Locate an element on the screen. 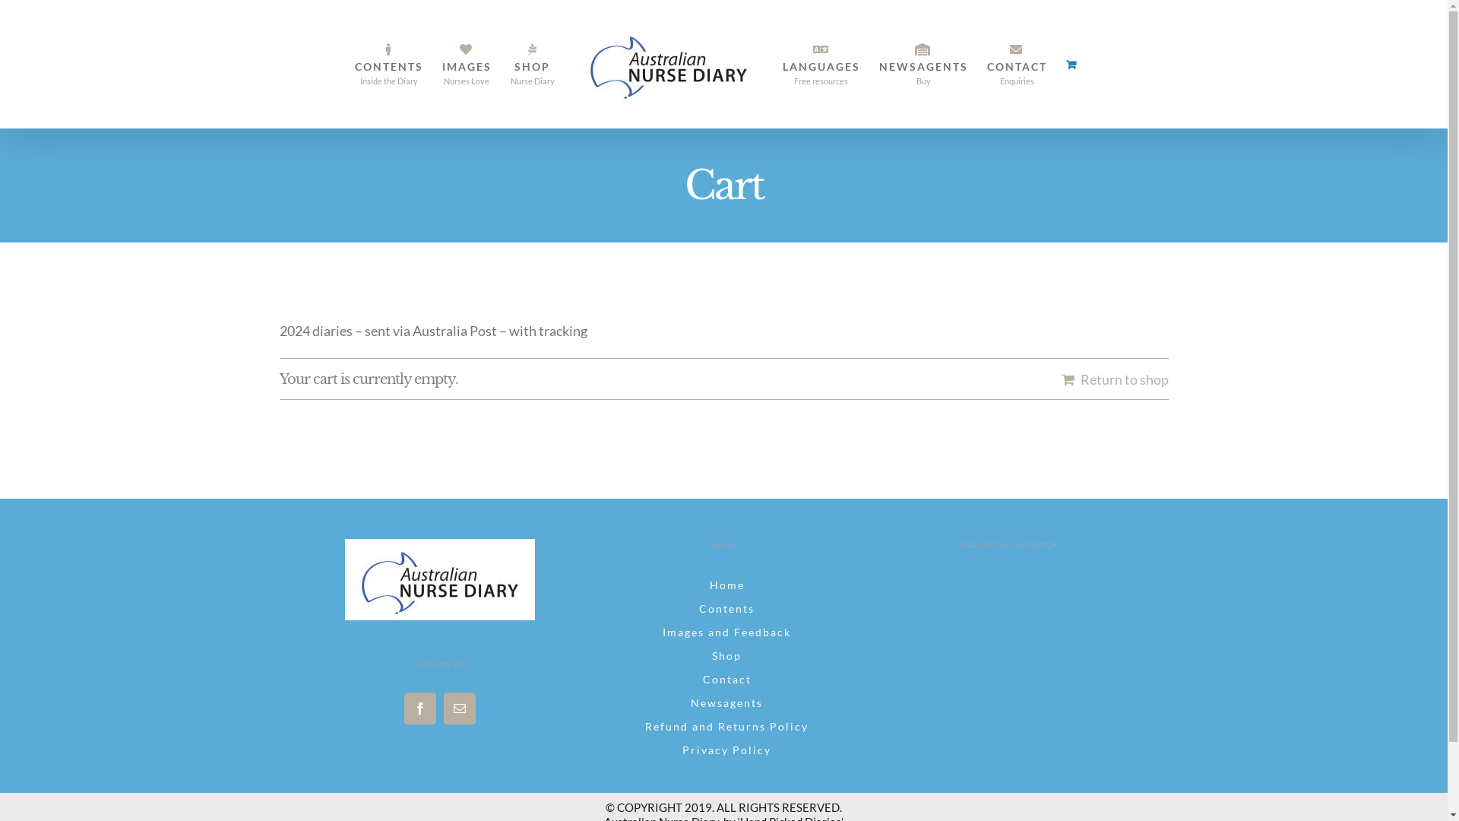 The width and height of the screenshot is (1459, 821). 'Images and Feedback' is located at coordinates (722, 632).